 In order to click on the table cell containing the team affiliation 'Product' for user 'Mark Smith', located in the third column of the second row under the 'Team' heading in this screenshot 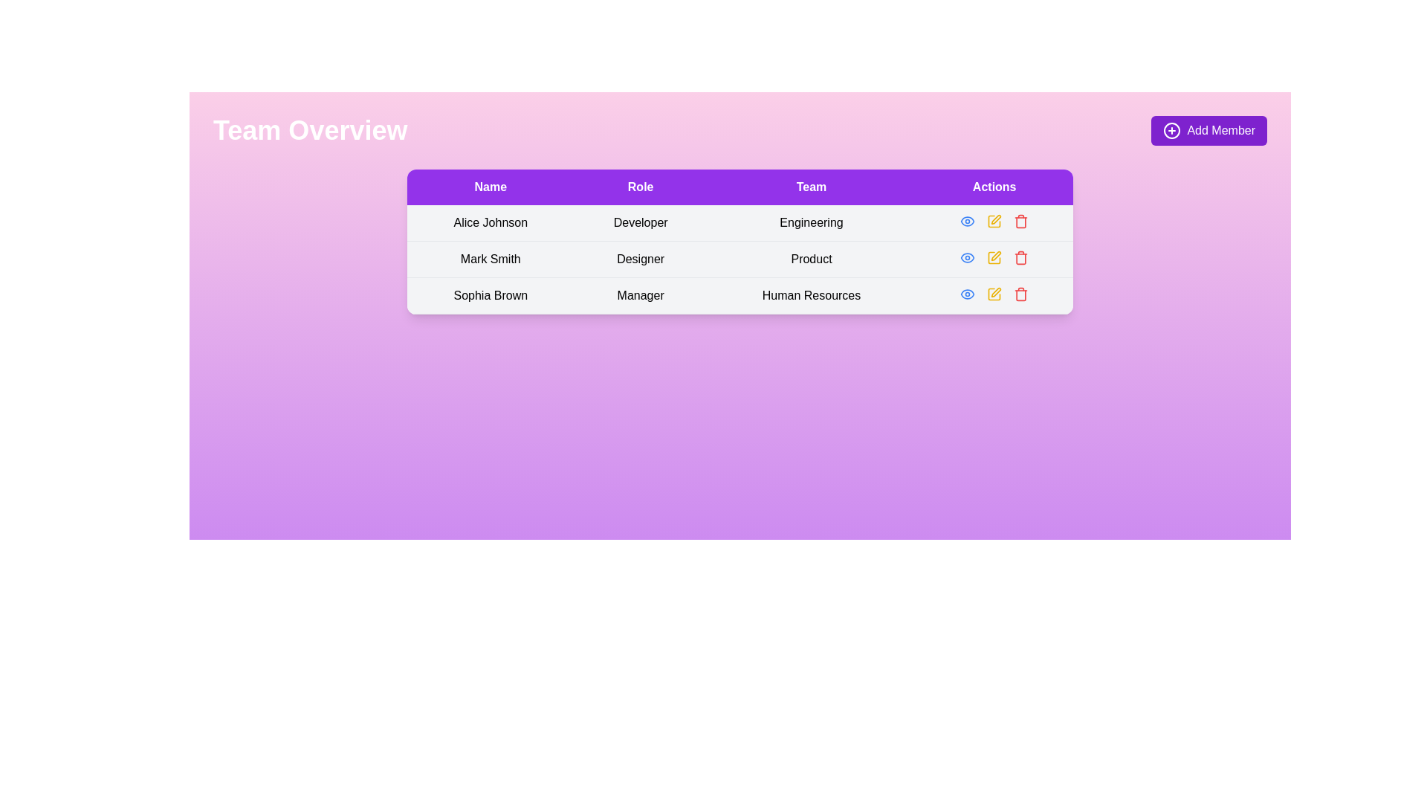, I will do `click(811, 258)`.